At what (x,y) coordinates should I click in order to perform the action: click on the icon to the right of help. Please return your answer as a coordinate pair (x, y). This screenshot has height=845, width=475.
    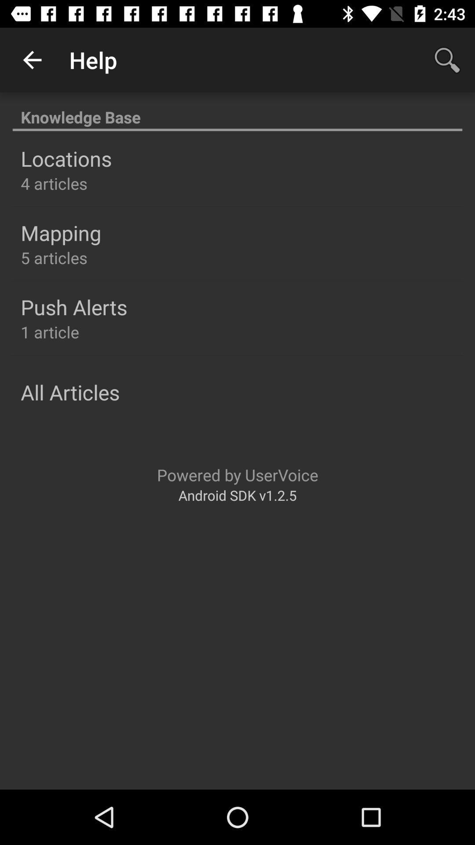
    Looking at the image, I should click on (447, 59).